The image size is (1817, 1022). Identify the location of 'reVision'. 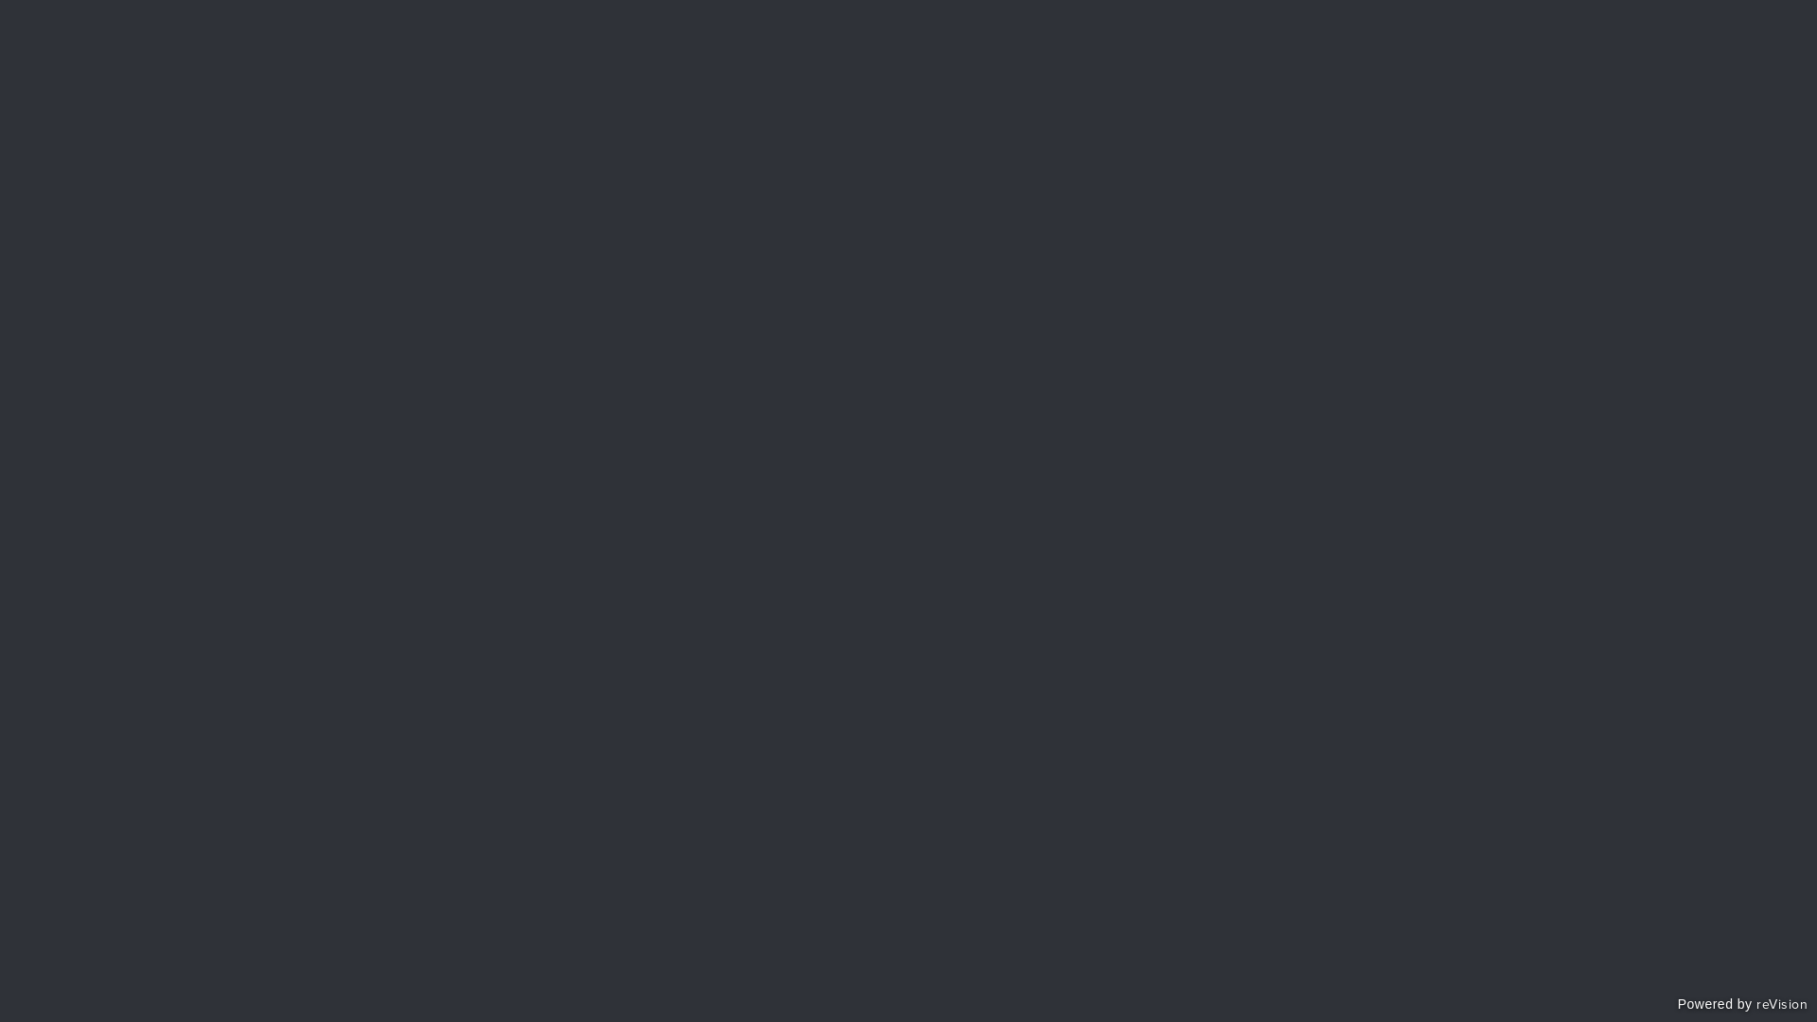
(1780, 1006).